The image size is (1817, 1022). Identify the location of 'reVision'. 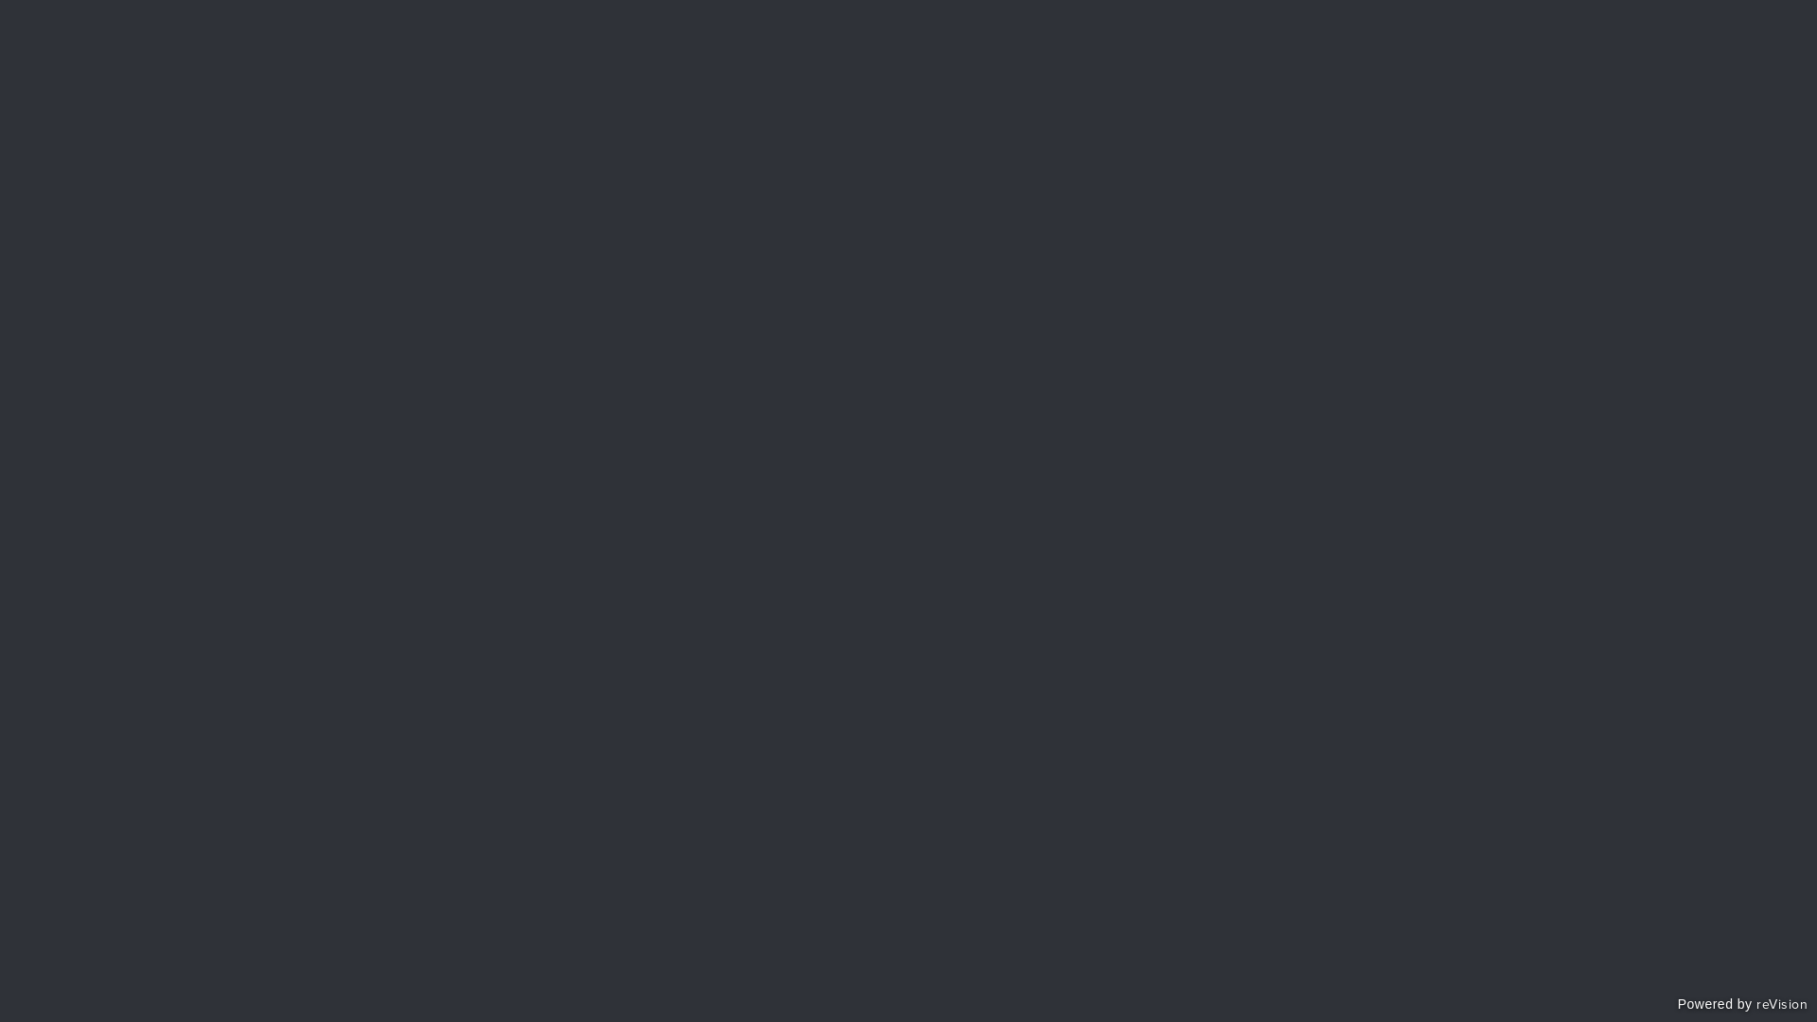
(1780, 1006).